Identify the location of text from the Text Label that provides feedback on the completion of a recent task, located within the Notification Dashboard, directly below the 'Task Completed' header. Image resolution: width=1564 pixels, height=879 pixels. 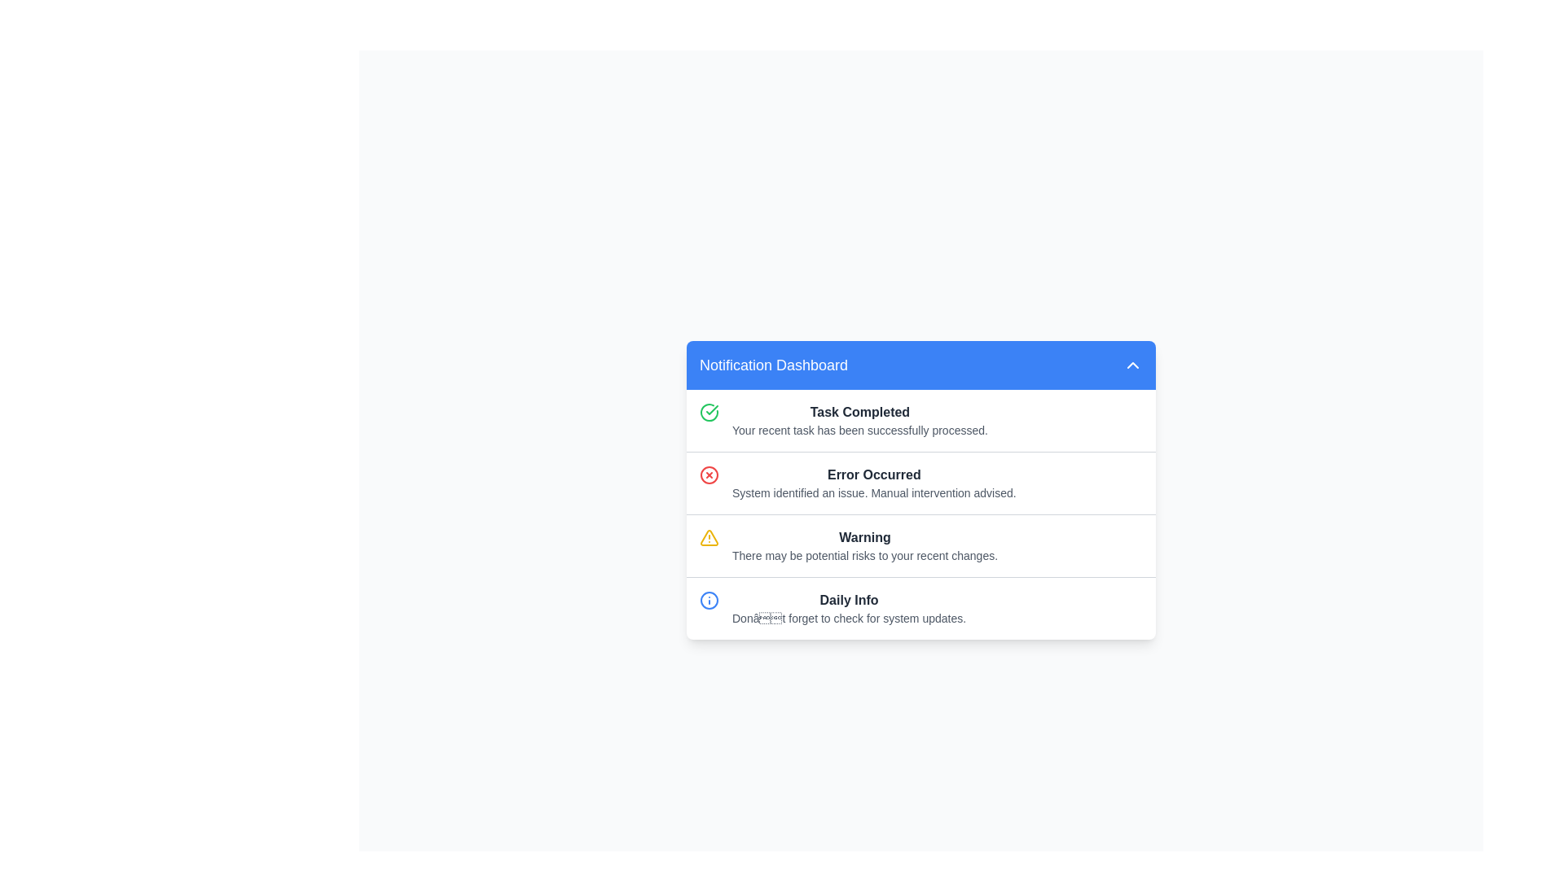
(859, 429).